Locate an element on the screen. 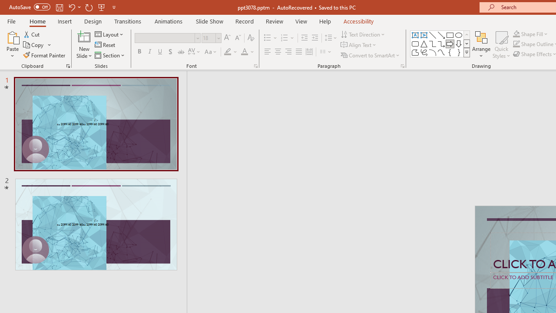 This screenshot has height=313, width=556. 'Shape Outline Green, Accent 1' is located at coordinates (516, 44).